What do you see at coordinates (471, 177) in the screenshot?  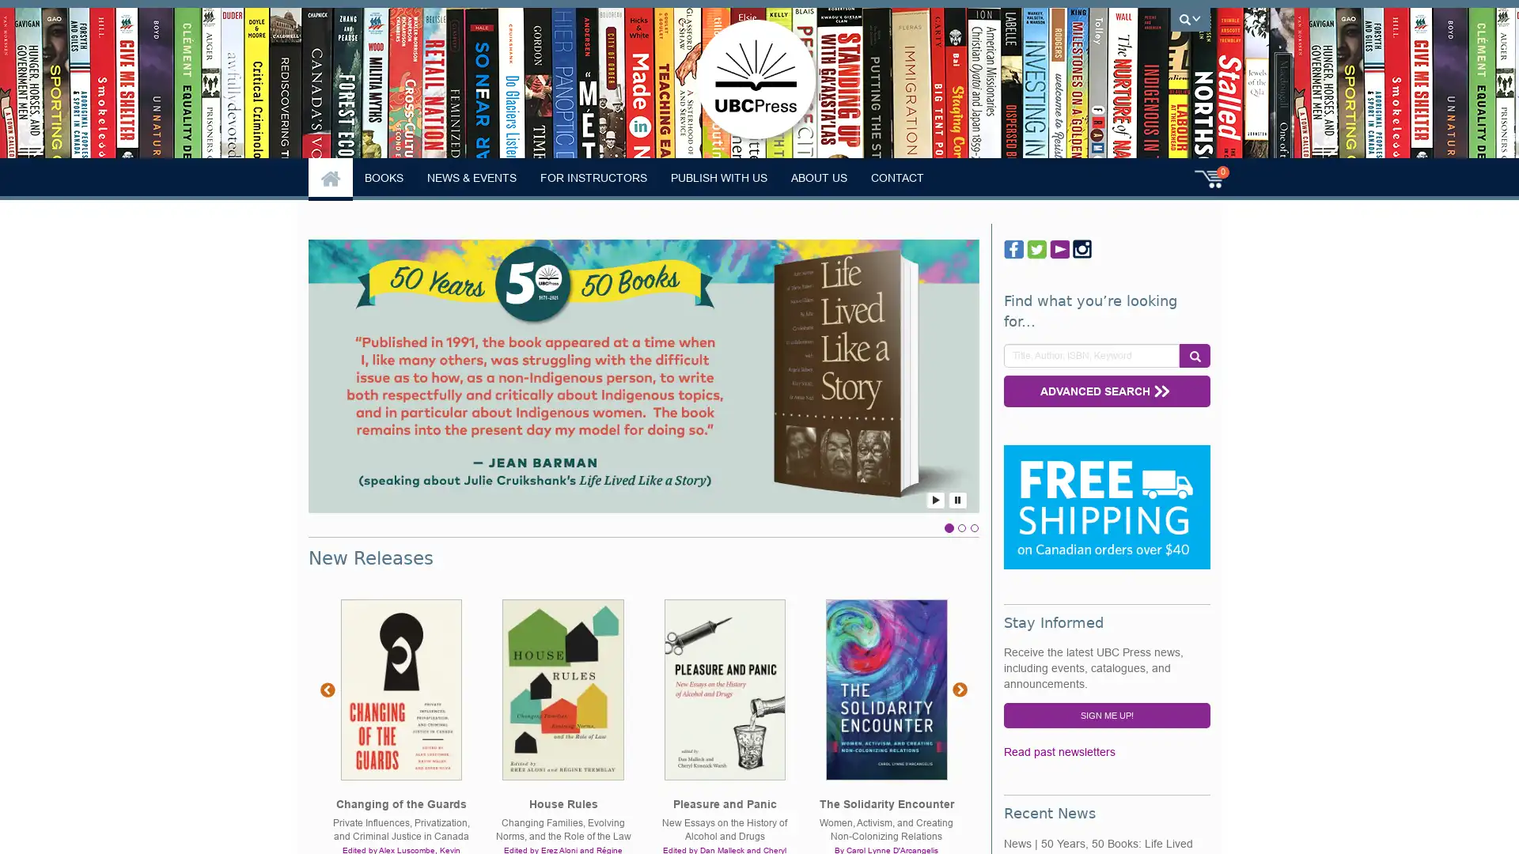 I see `NEWS & EVENTS` at bounding box center [471, 177].